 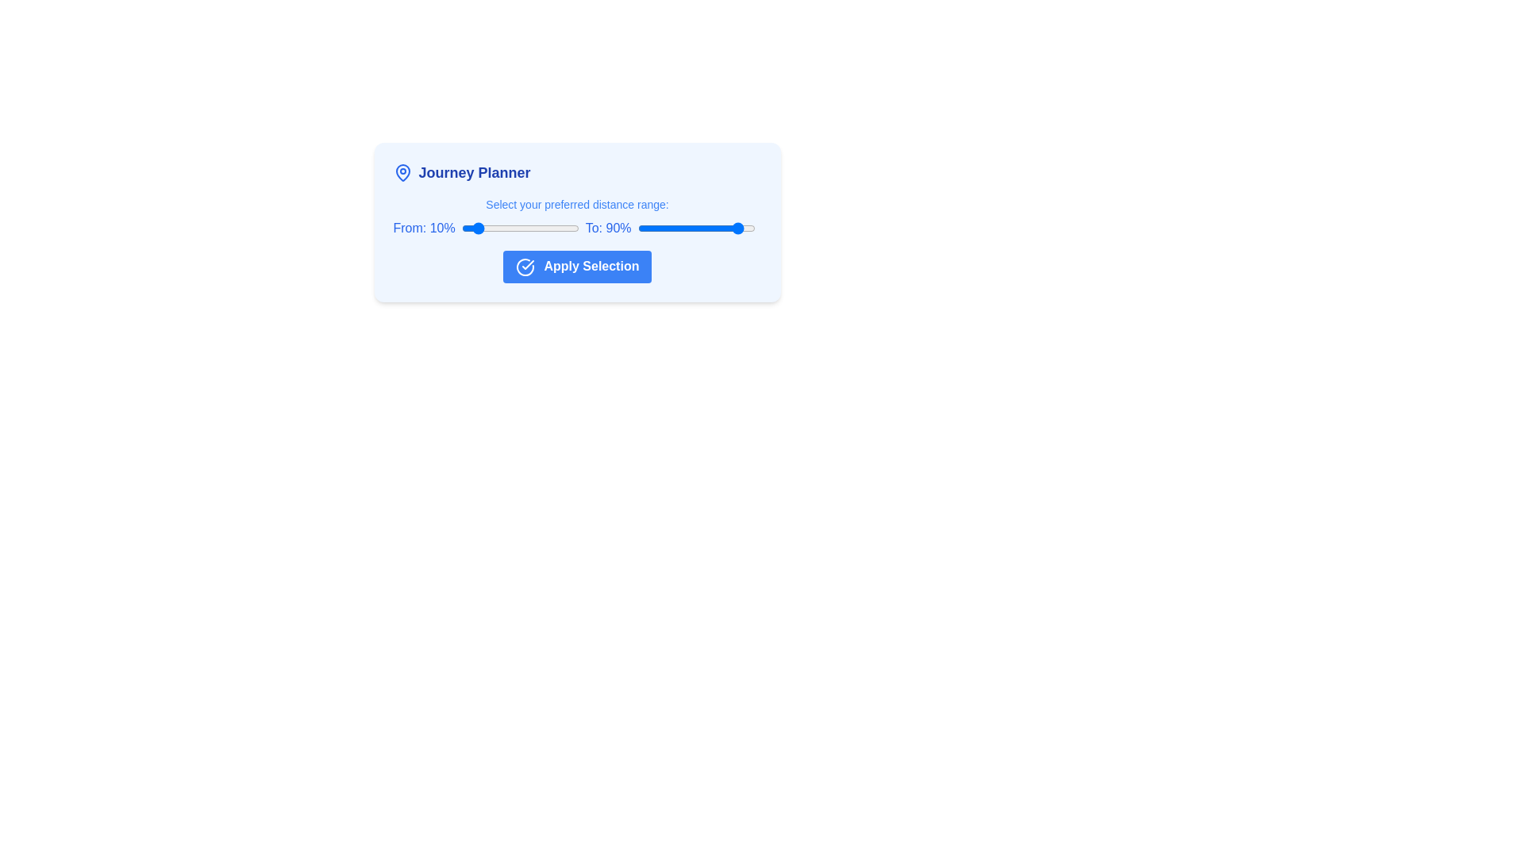 I want to click on the pin icon graphic element located on the left side of the 'Journey Planner' text, which is a part of an SVG graphic and has a curved, elongated shape with a pointed bottom, so click(x=402, y=173).